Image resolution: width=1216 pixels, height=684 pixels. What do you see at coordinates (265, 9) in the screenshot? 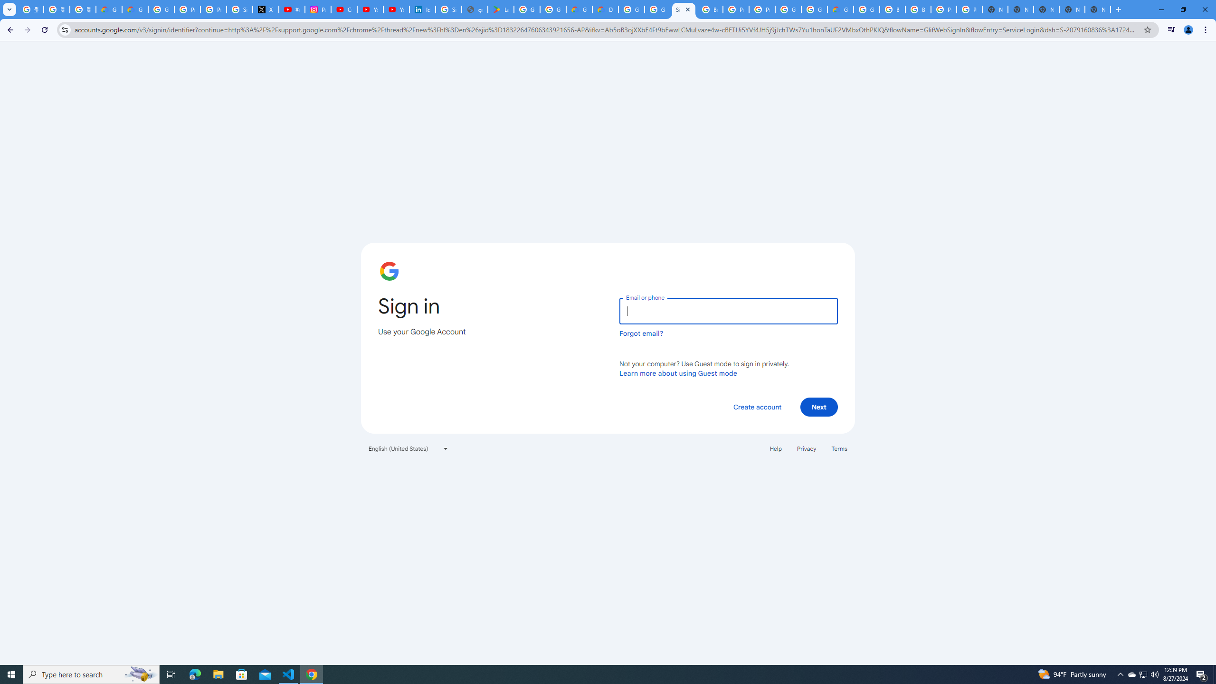
I see `'X'` at bounding box center [265, 9].